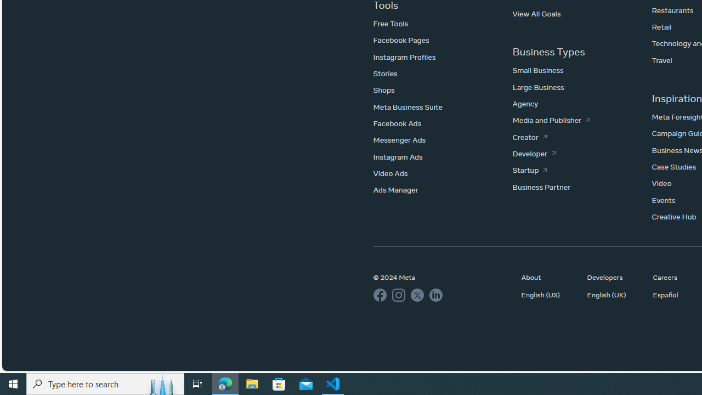 This screenshot has width=702, height=395. What do you see at coordinates (390, 23) in the screenshot?
I see `'Free Tools'` at bounding box center [390, 23].